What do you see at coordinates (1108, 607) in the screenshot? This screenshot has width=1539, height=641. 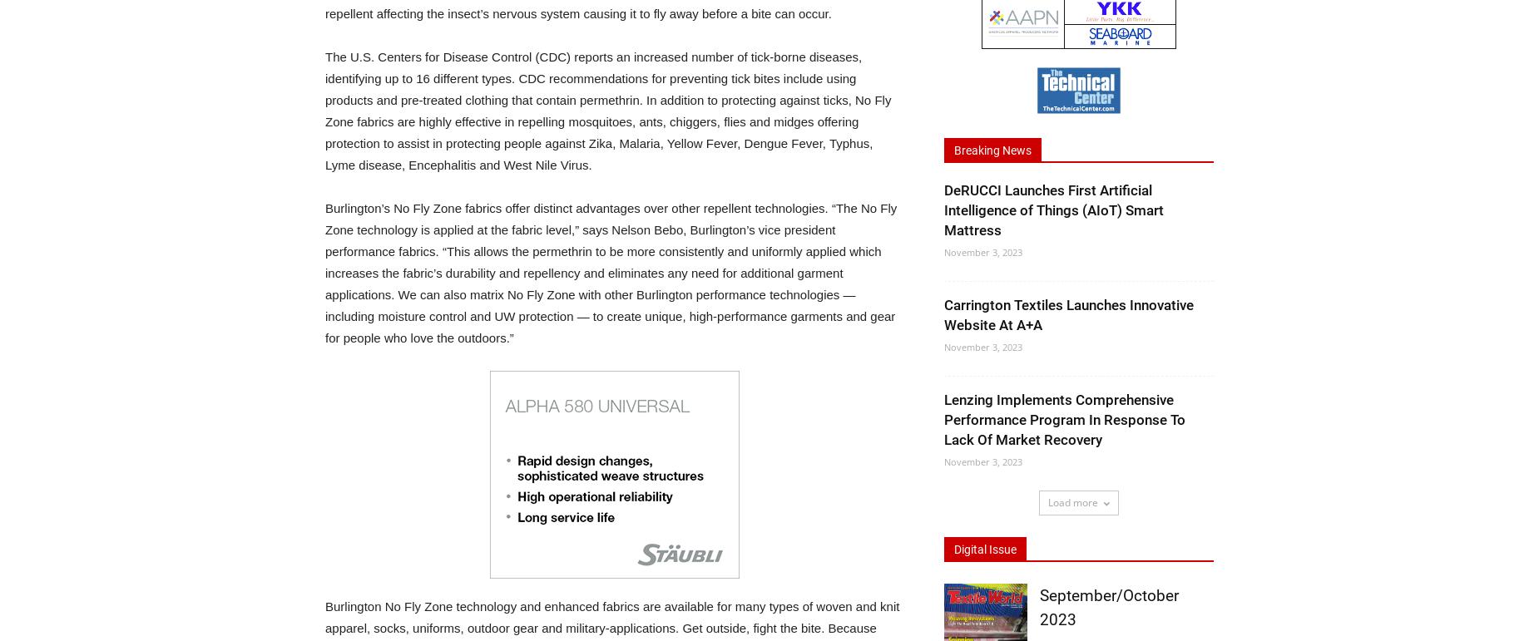 I see `'September/October 2023'` at bounding box center [1108, 607].